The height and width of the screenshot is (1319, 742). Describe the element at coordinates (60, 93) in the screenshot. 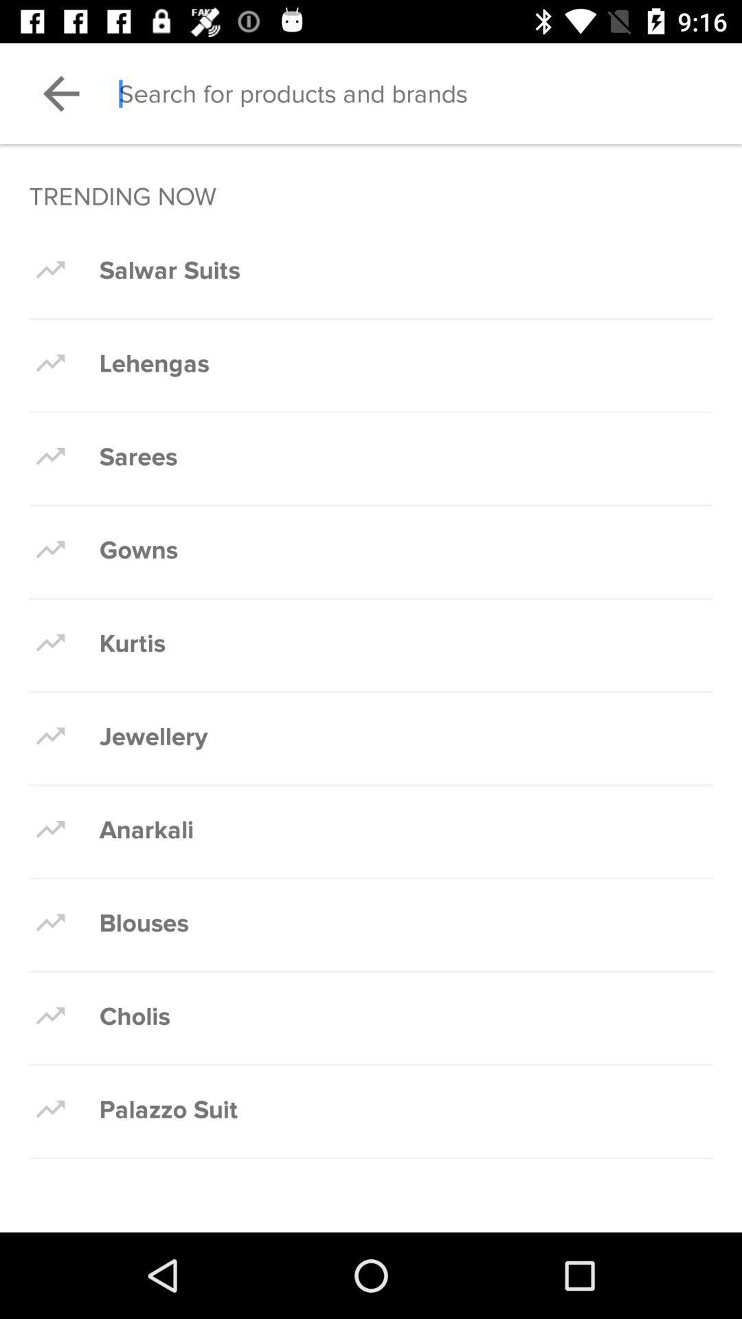

I see `go back` at that location.